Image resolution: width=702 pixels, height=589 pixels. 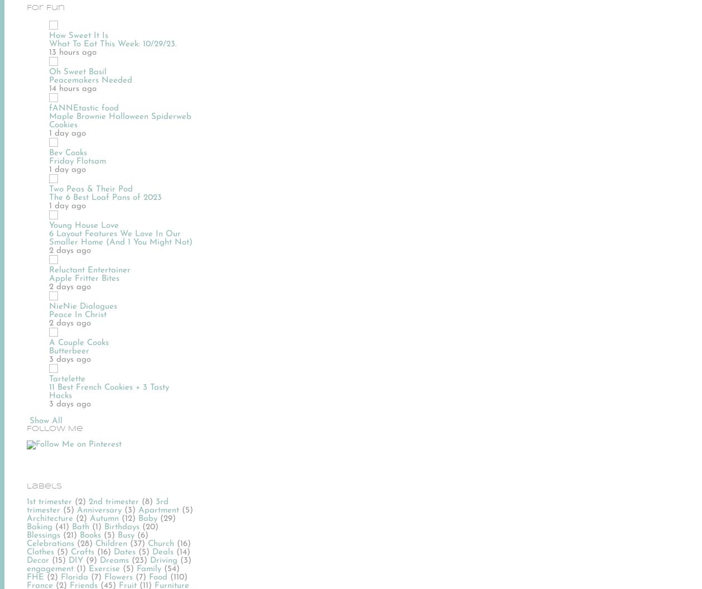 What do you see at coordinates (74, 576) in the screenshot?
I see `'Florida'` at bounding box center [74, 576].